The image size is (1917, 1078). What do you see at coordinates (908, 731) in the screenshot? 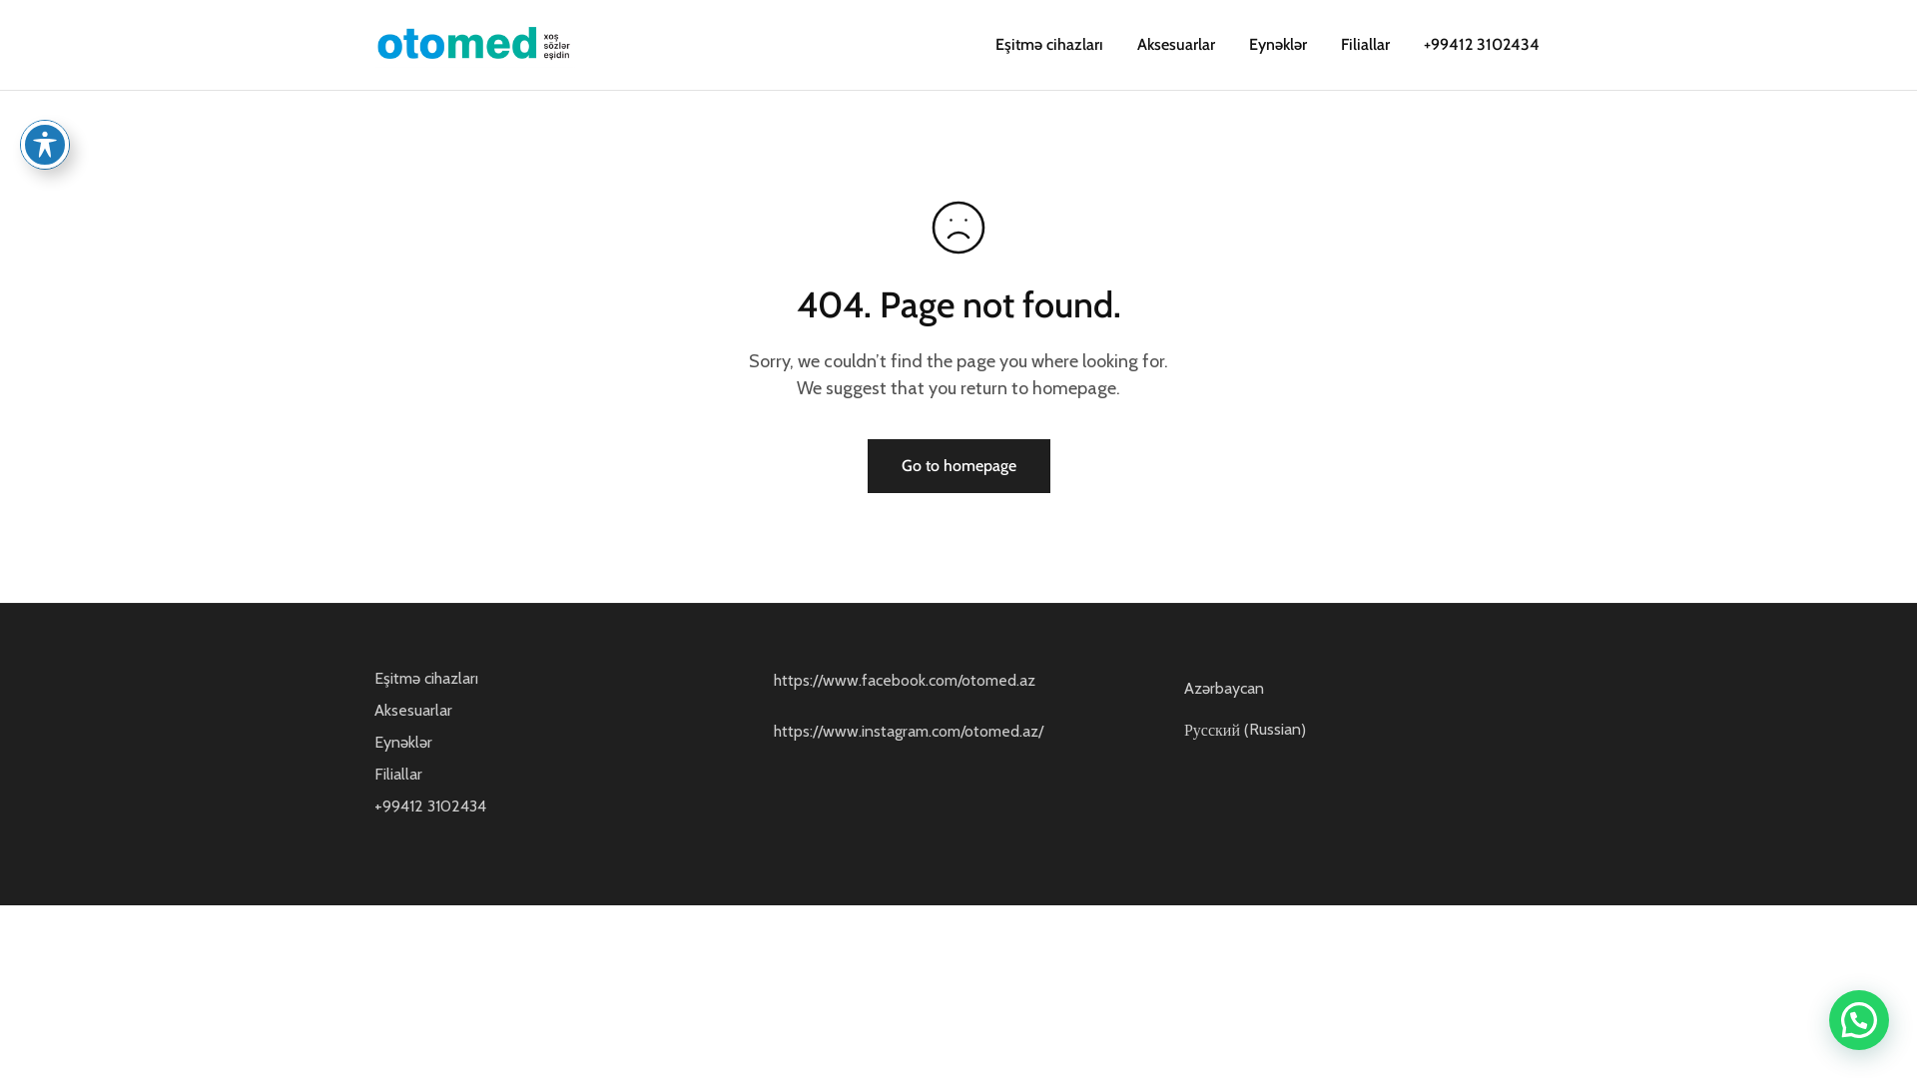
I see `'https://www.instagram.com/otomed.az/'` at bounding box center [908, 731].